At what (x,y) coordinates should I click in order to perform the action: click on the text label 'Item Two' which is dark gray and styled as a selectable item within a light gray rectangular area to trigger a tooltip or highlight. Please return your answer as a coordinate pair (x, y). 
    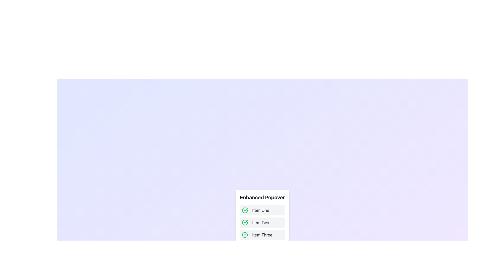
    Looking at the image, I should click on (261, 222).